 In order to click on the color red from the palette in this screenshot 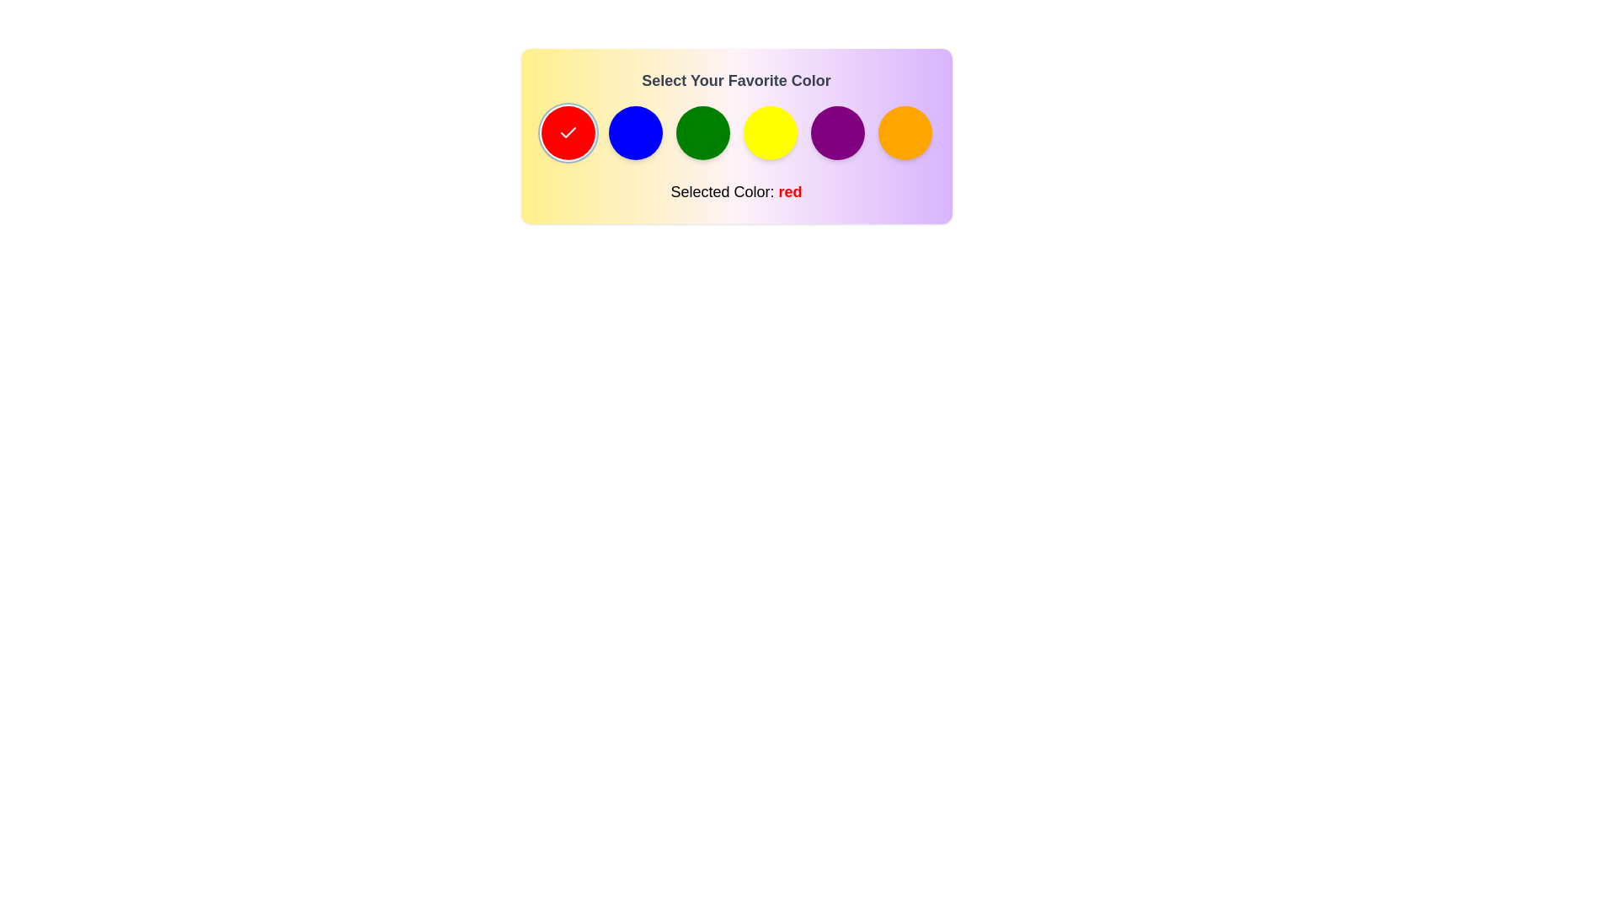, I will do `click(568, 132)`.